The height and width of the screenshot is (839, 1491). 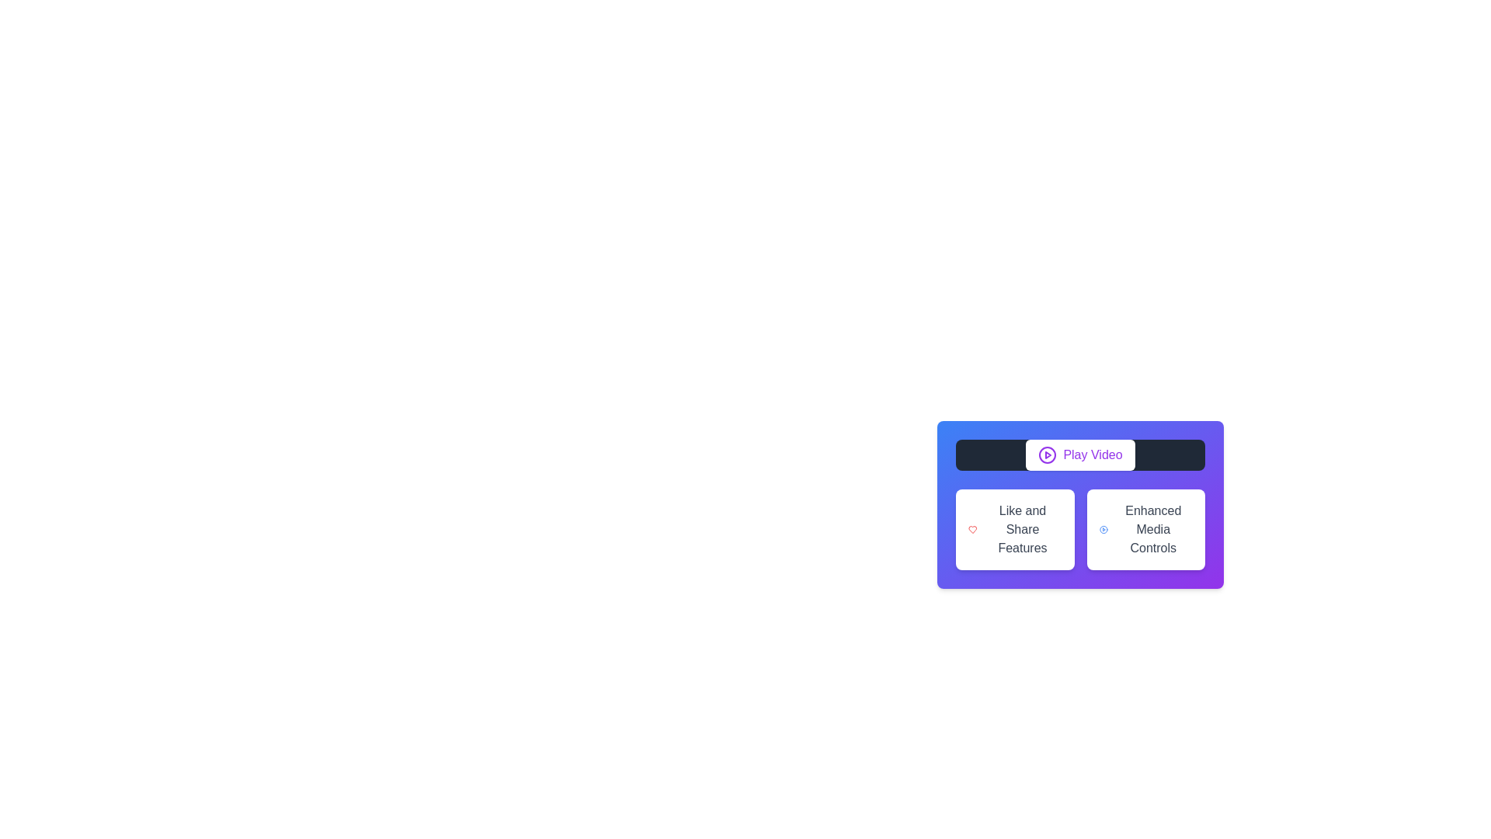 What do you see at coordinates (1022, 529) in the screenshot?
I see `the text label displaying 'Like and Share Features' which is centrally positioned in a white card with rounded corners and a shadow effect` at bounding box center [1022, 529].